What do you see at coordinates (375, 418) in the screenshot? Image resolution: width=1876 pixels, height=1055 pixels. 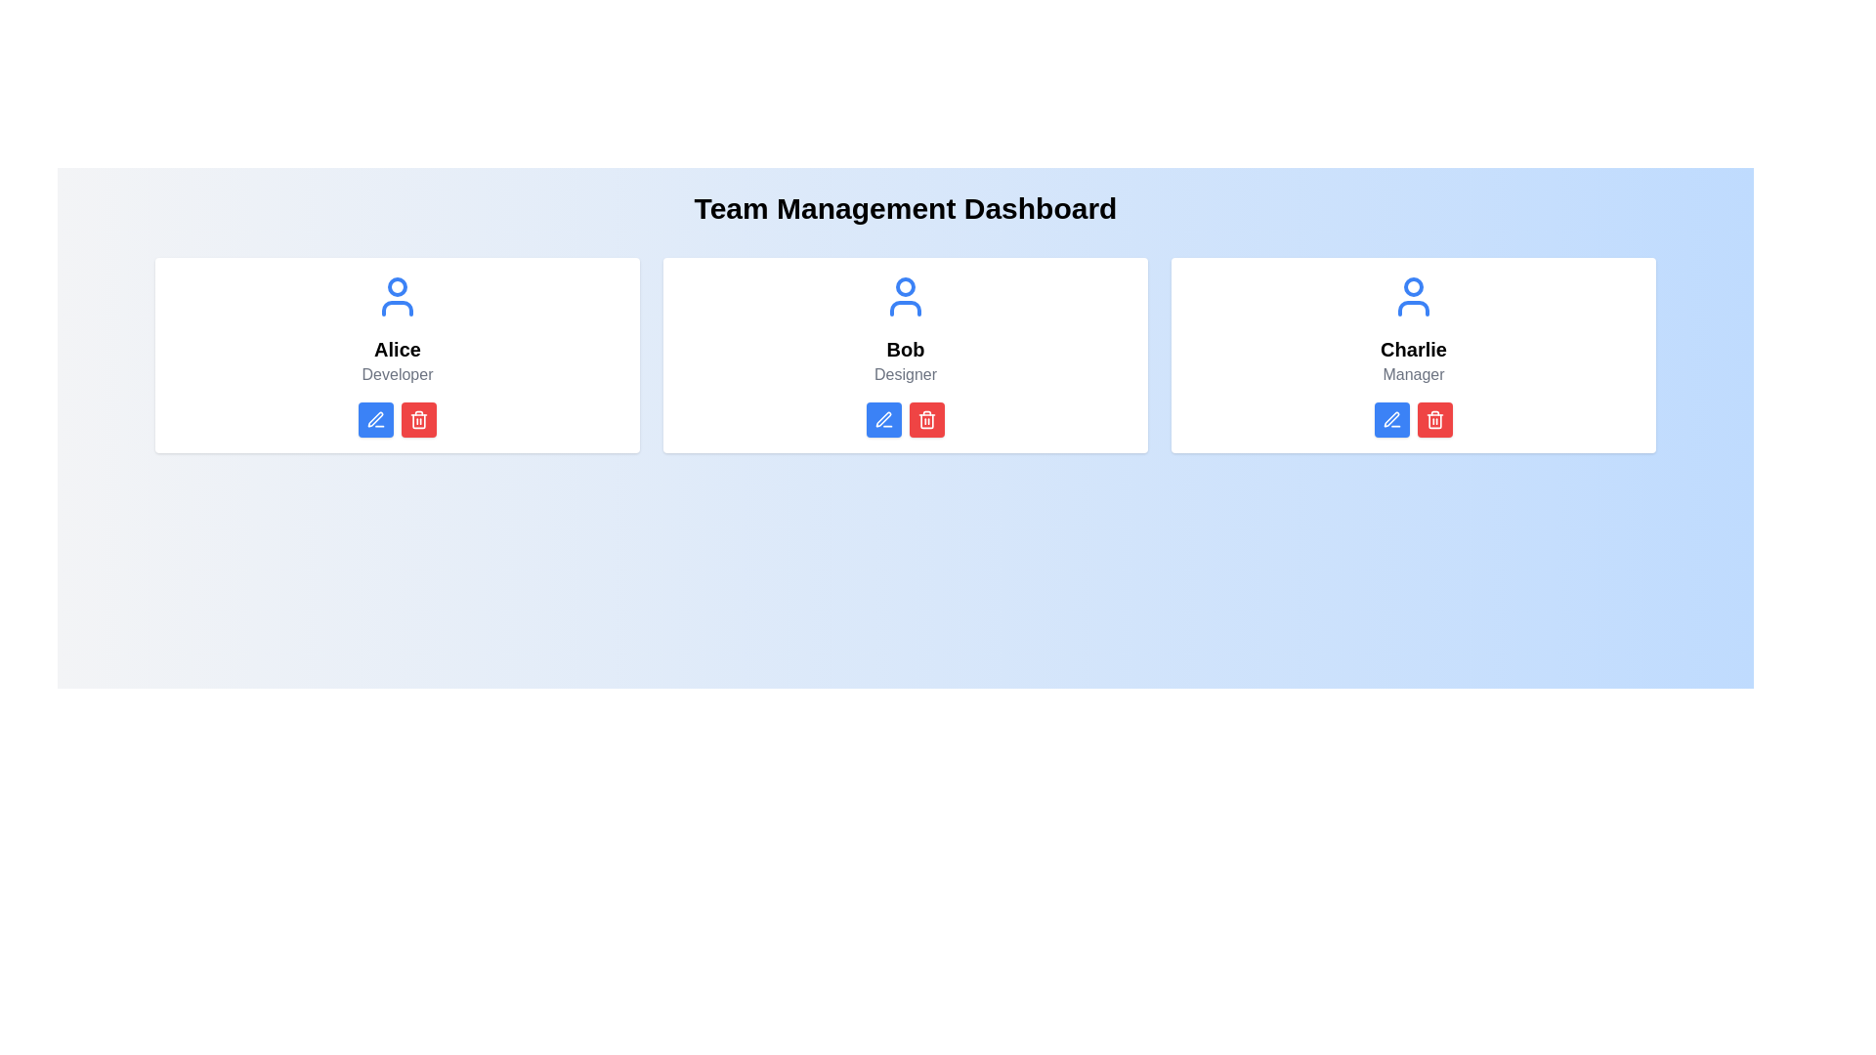 I see `the icon within the edit button located on the left-hand side of the button group for 'Alice, Developer' to initiate the edit action` at bounding box center [375, 418].